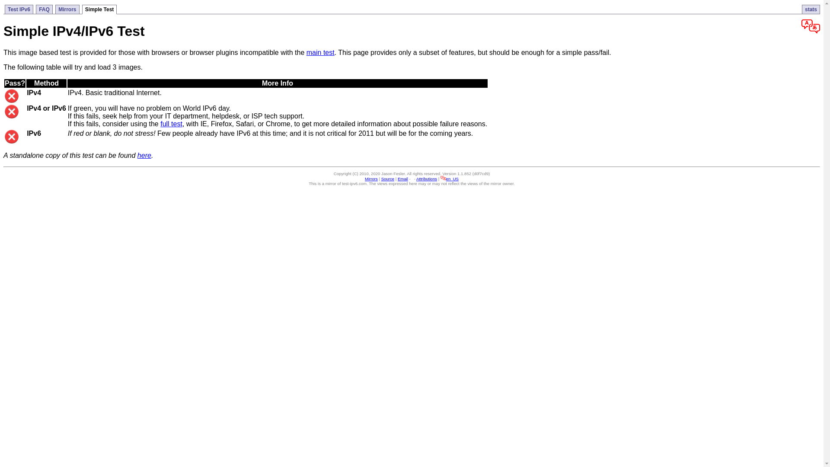  I want to click on 'Source', so click(381, 178).